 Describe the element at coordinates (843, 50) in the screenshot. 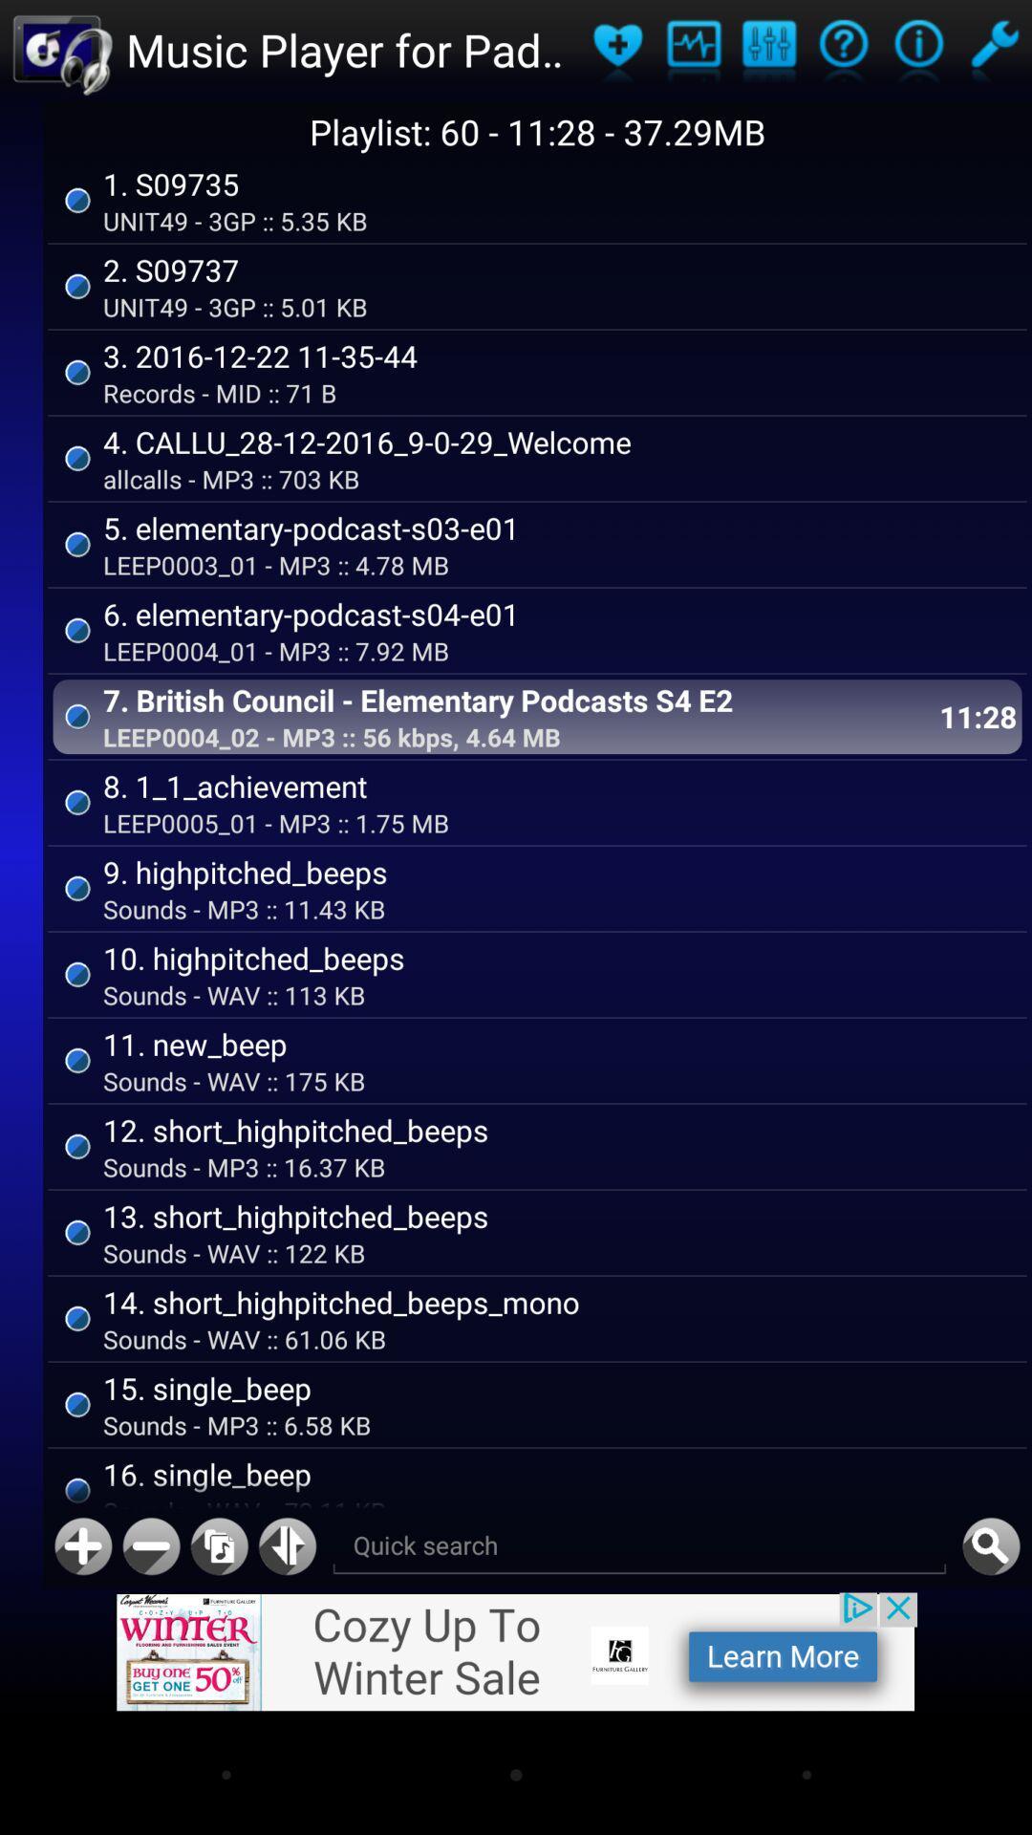

I see `open information` at that location.